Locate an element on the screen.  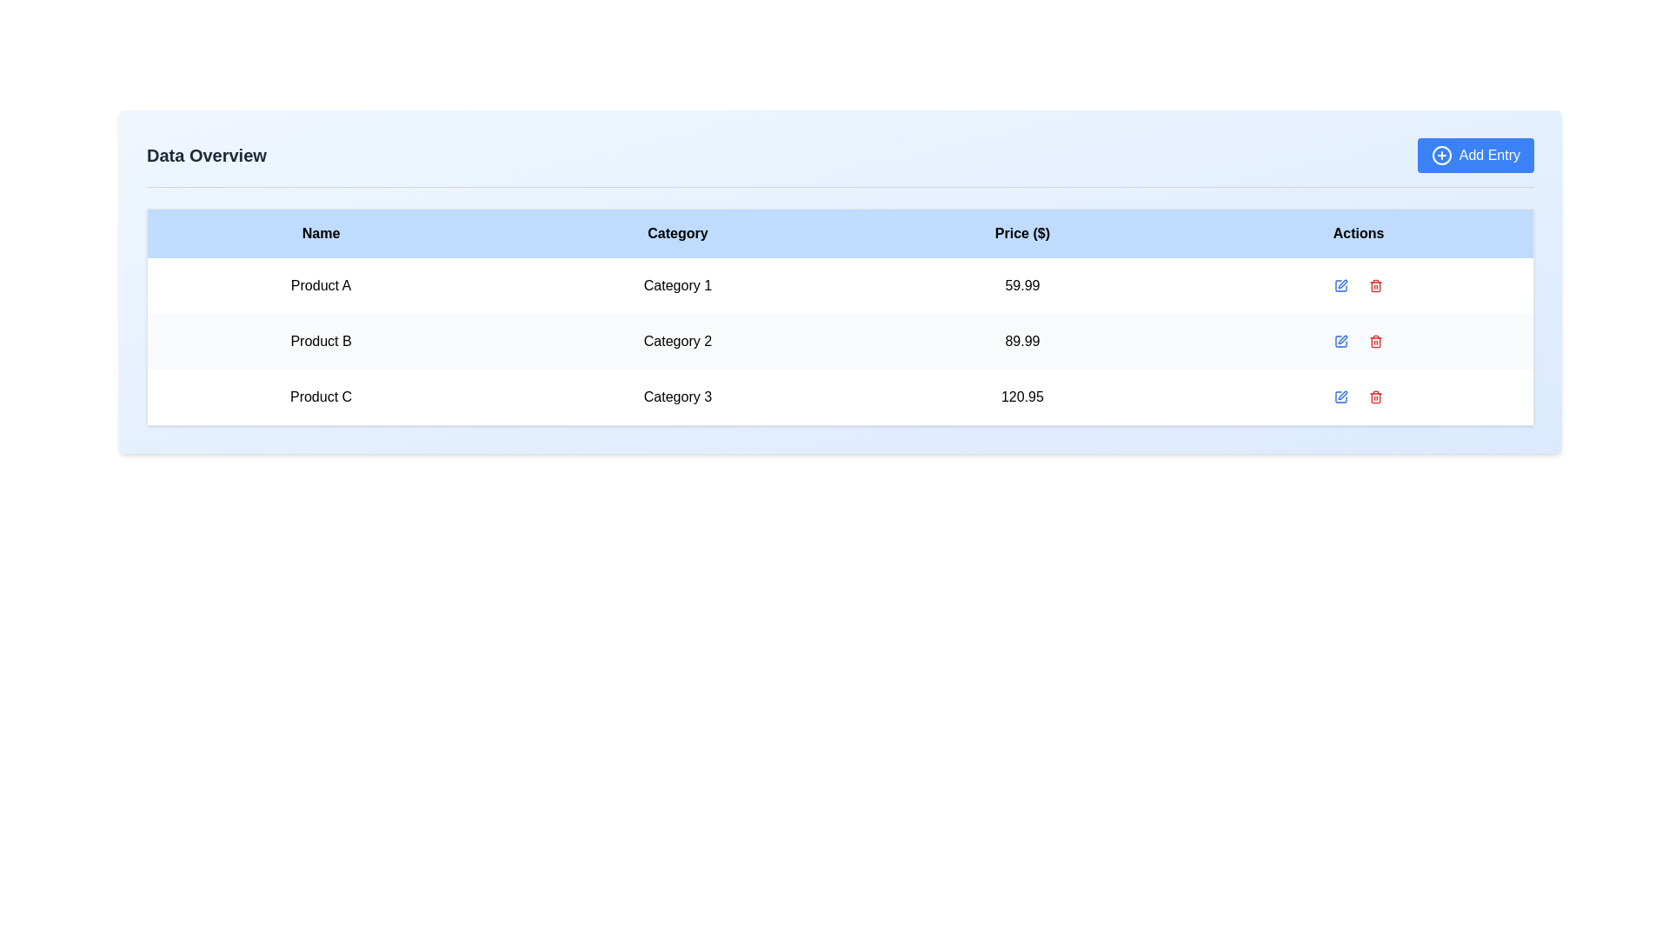
the button located at the top-right corner of the 'Data Overview' section is located at coordinates (1474, 154).